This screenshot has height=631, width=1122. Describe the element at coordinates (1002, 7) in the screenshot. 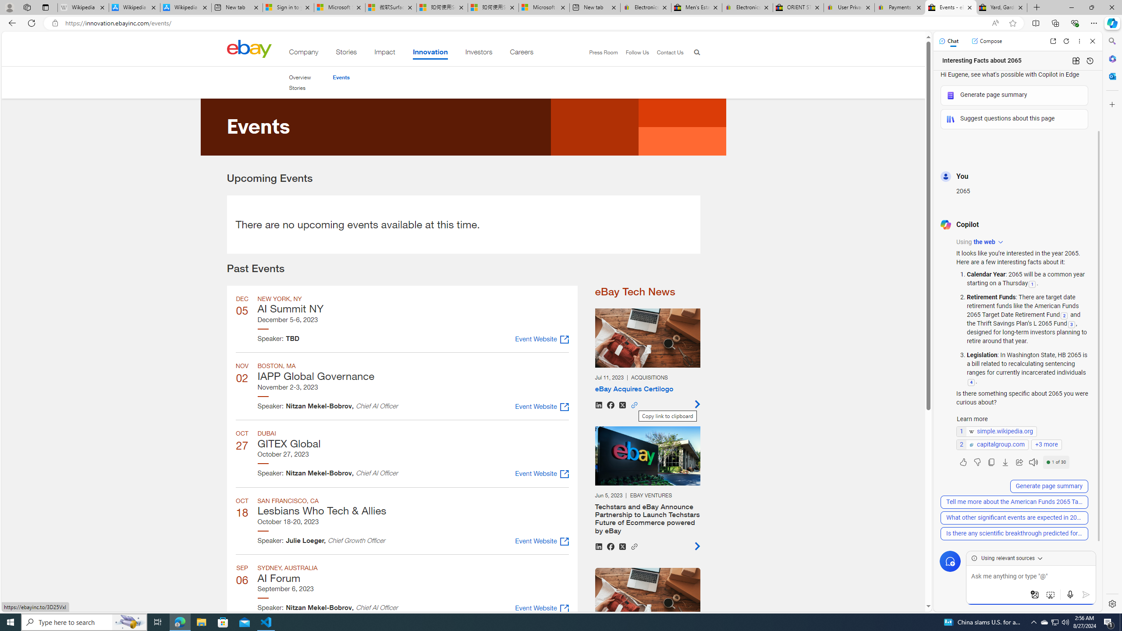

I see `'Yard, Garden & Outdoor Living'` at that location.